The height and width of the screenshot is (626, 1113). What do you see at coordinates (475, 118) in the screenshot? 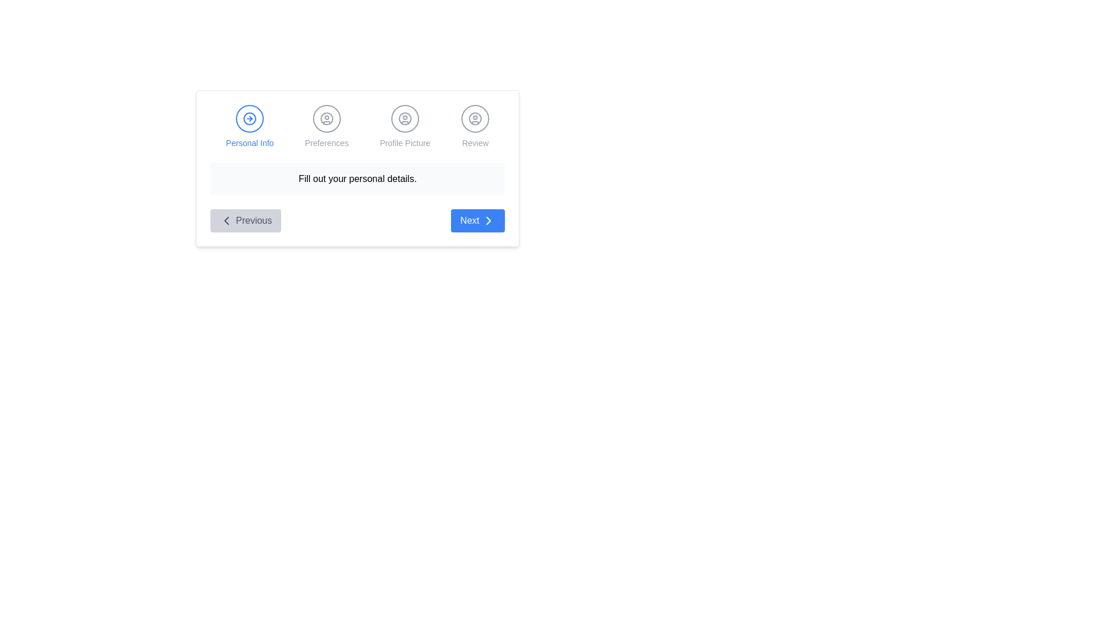
I see `the 'Review' step indicator in the progress navigation bar, which is the last circular icon positioned horizontally at the top of the panel` at bounding box center [475, 118].